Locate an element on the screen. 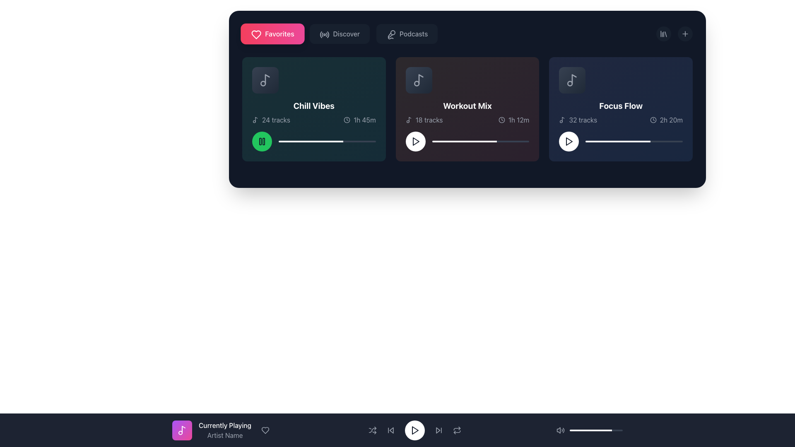 Image resolution: width=795 pixels, height=447 pixels. the 'Focus Flow' playlist icon located to the left of the text '32 tracks' in the upper content area is located at coordinates (562, 120).